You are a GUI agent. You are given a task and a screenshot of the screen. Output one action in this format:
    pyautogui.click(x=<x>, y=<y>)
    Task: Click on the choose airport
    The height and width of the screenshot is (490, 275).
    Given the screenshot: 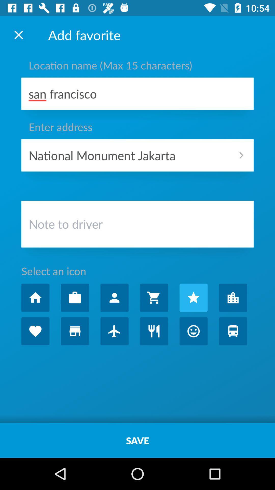 What is the action you would take?
    pyautogui.click(x=114, y=331)
    